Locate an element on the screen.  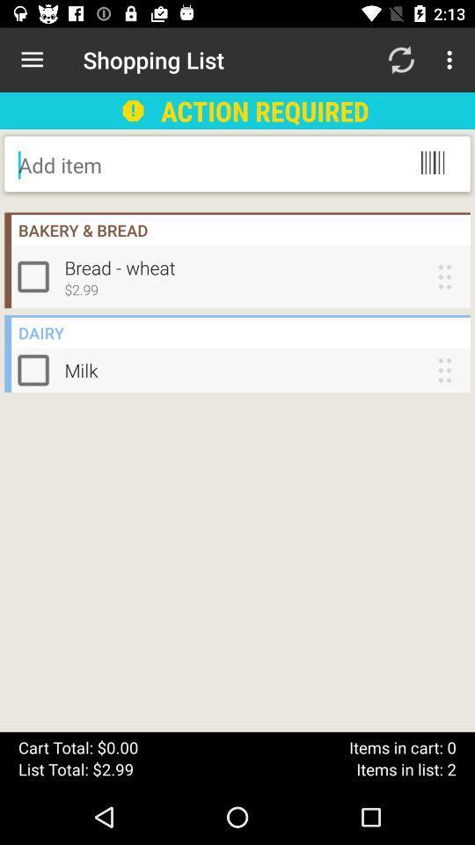
search bar is located at coordinates (159, 165).